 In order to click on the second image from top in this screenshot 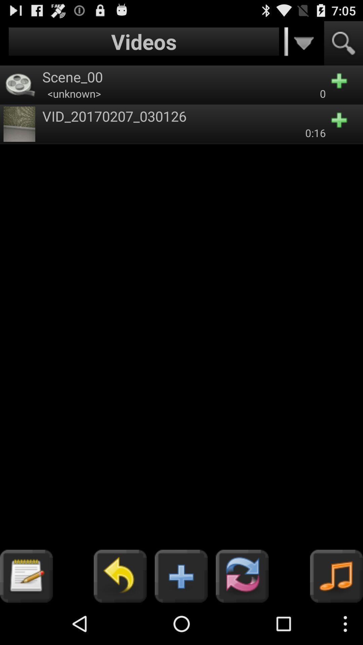, I will do `click(19, 124)`.